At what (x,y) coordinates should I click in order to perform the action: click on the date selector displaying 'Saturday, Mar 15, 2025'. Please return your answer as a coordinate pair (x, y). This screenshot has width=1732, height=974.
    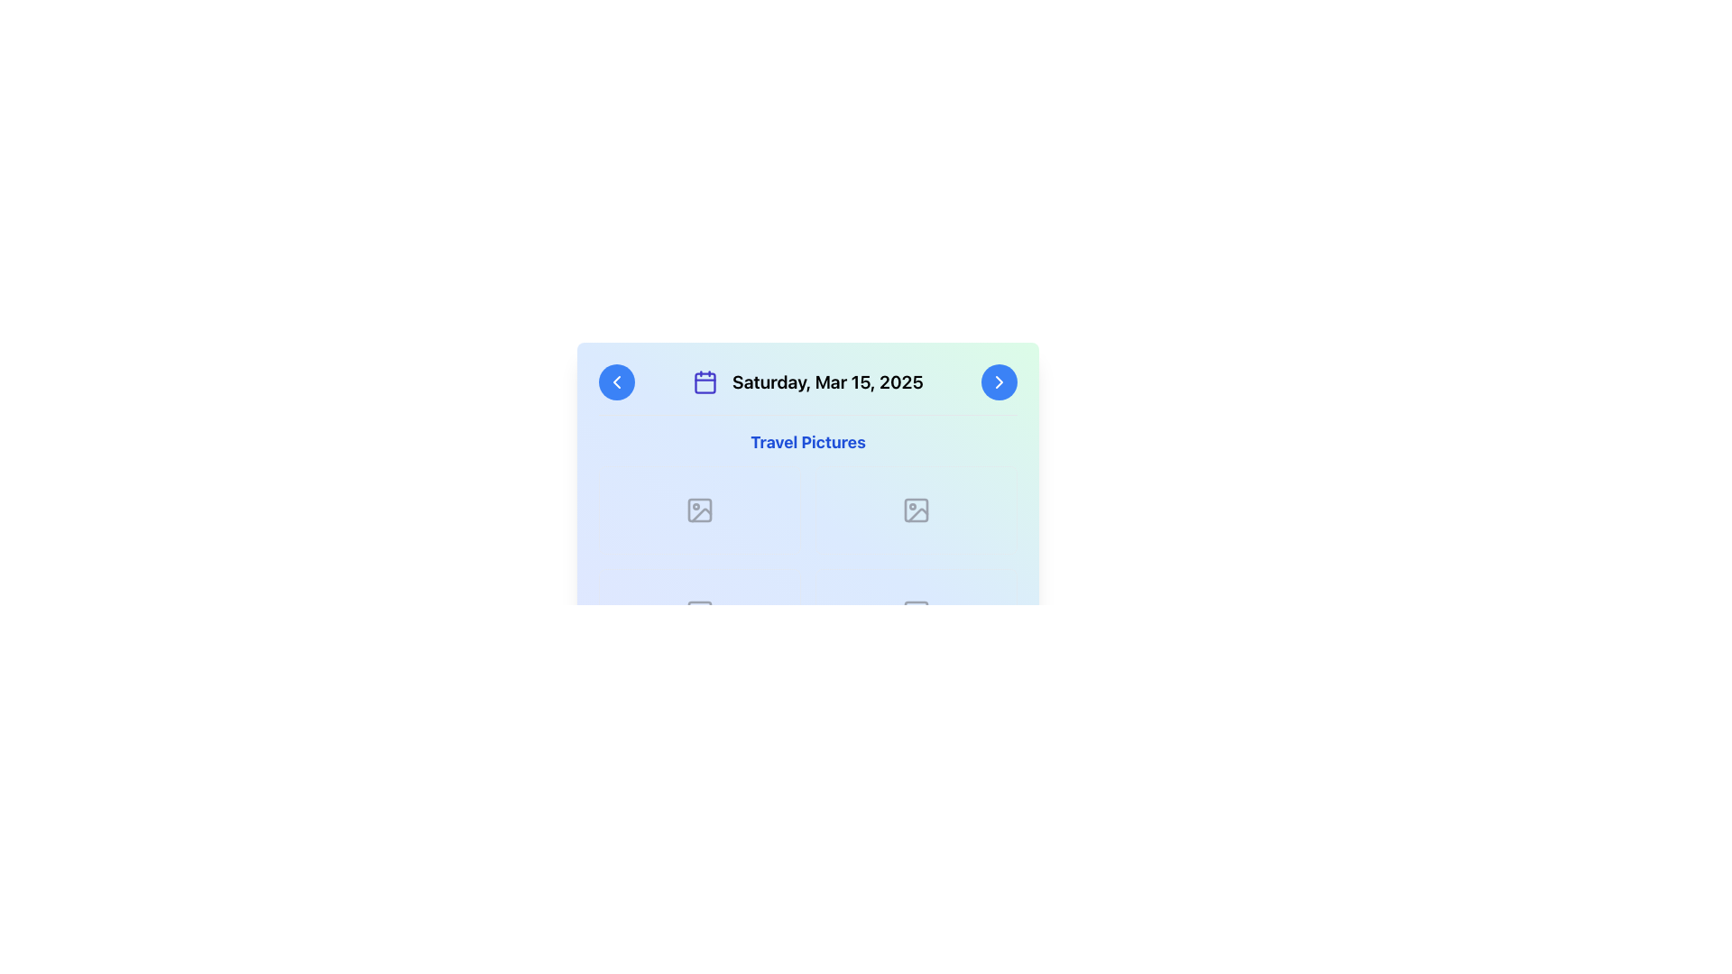
    Looking at the image, I should click on (807, 381).